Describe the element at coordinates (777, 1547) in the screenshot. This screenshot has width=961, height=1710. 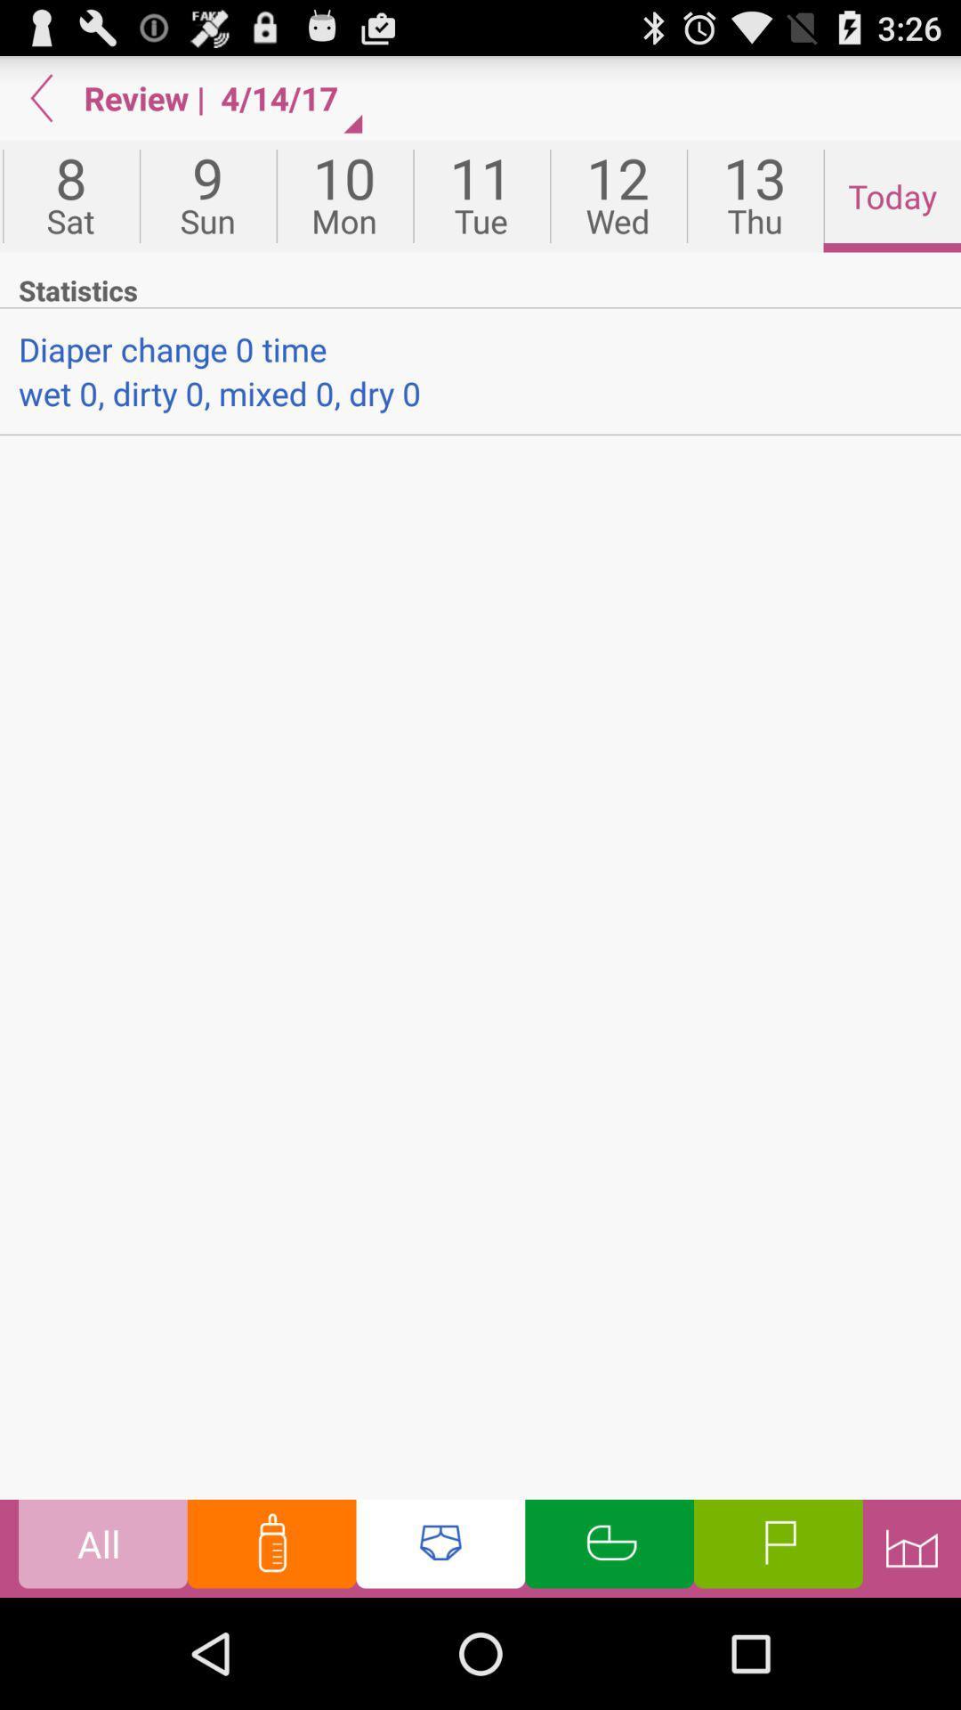
I see `report this viodio` at that location.